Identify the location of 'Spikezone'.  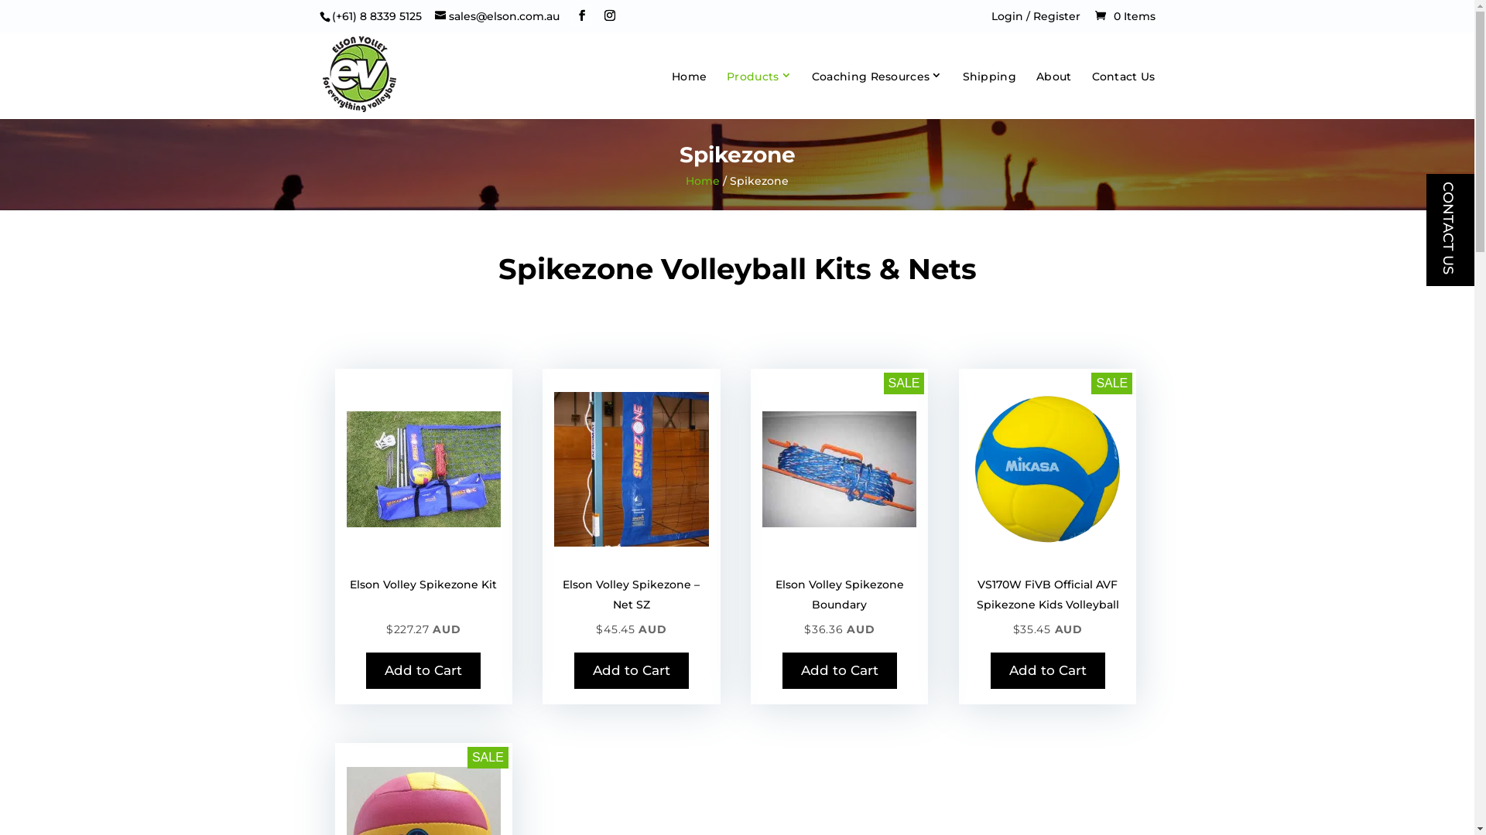
(1047, 468).